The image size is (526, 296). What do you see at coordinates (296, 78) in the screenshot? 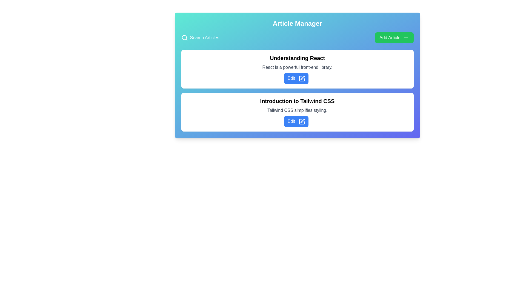
I see `the blue rectangular button with white text 'Edit' and a pen icon` at bounding box center [296, 78].